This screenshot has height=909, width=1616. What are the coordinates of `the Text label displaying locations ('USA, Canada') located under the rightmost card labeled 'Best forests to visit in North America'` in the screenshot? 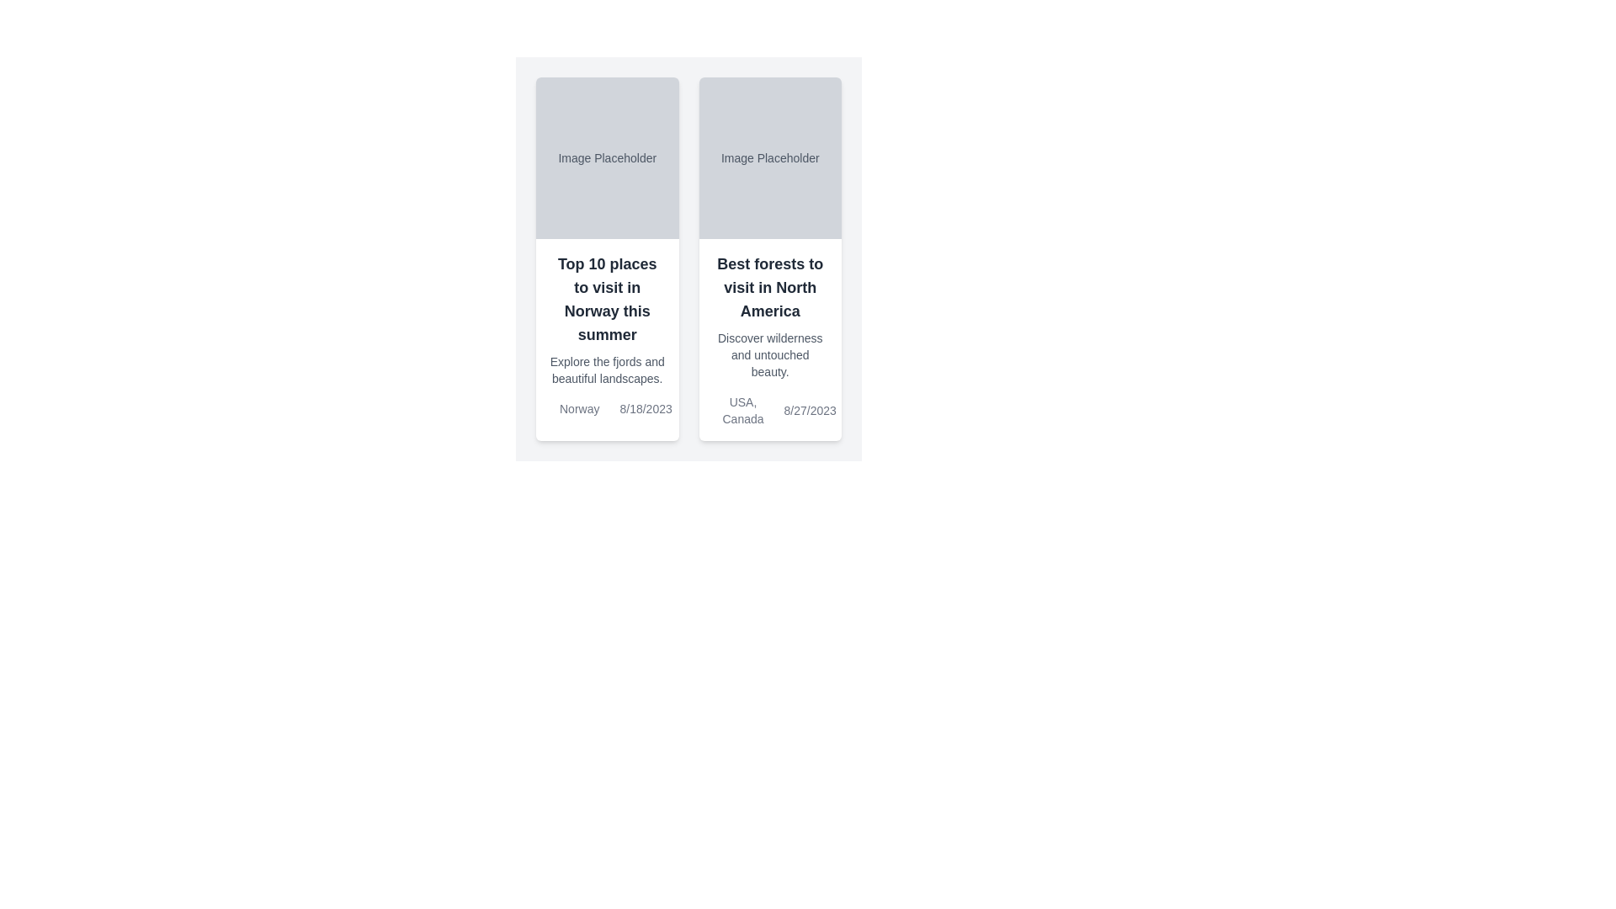 It's located at (742, 411).